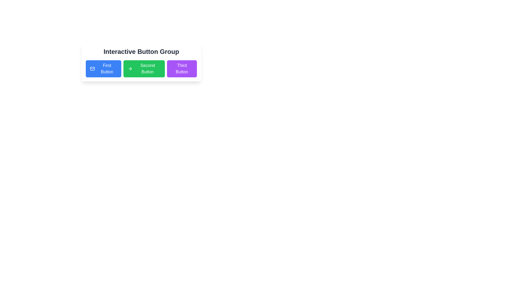 This screenshot has width=513, height=288. I want to click on the 'Second Button', a green button with rounded corners that contains the text 'Second Button' and a right-pointing white arrow icon, so click(144, 69).